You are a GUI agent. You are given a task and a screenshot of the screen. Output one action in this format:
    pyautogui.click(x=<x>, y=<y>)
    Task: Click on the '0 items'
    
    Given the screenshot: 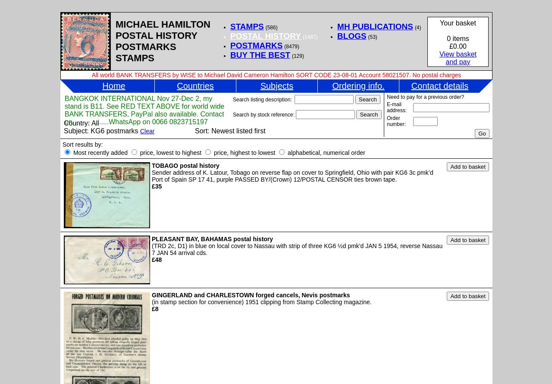 What is the action you would take?
    pyautogui.click(x=457, y=38)
    